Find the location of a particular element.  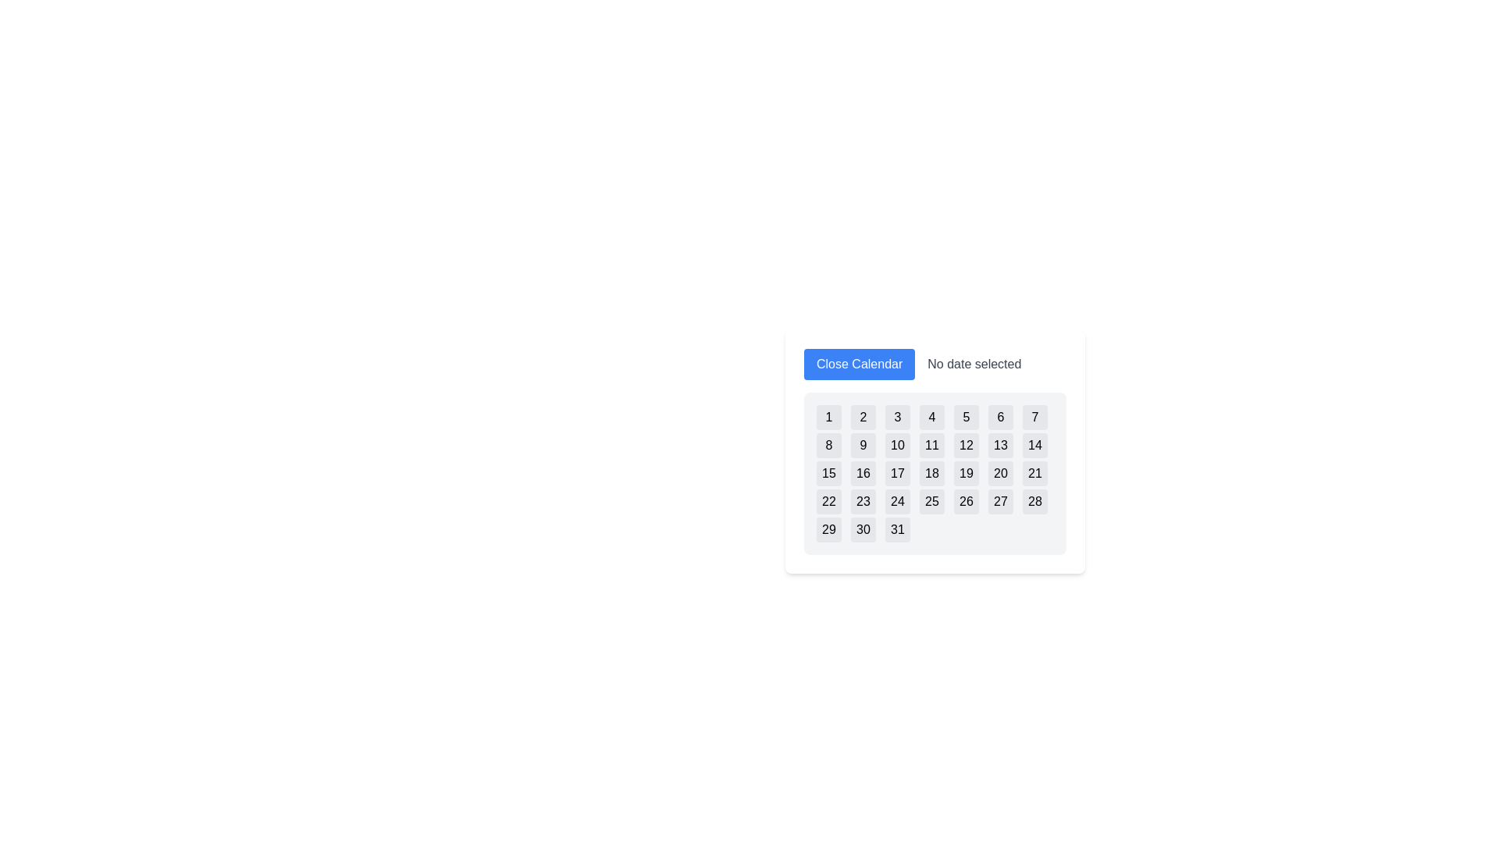

the button representing the date '26' located is located at coordinates (966, 502).